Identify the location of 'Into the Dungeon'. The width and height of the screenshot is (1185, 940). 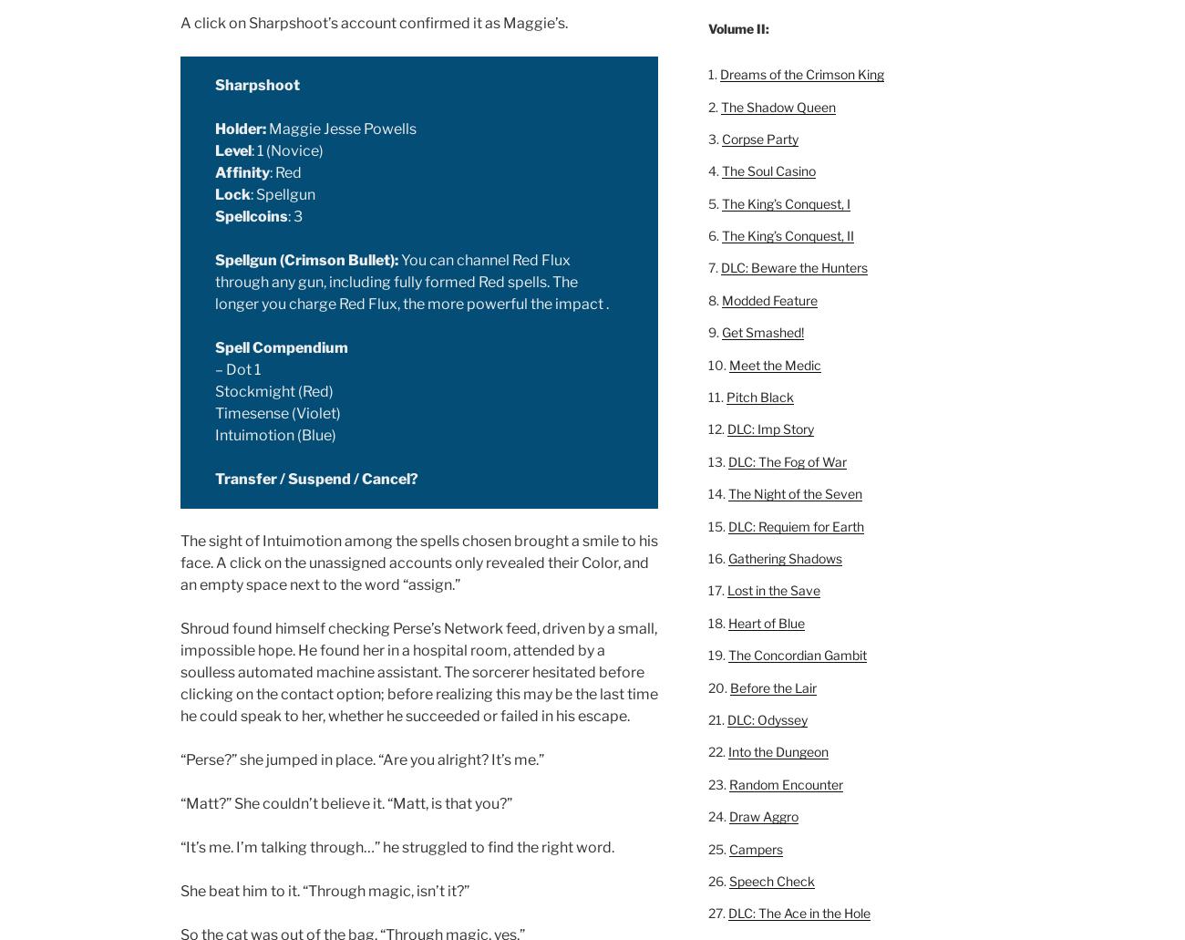
(778, 750).